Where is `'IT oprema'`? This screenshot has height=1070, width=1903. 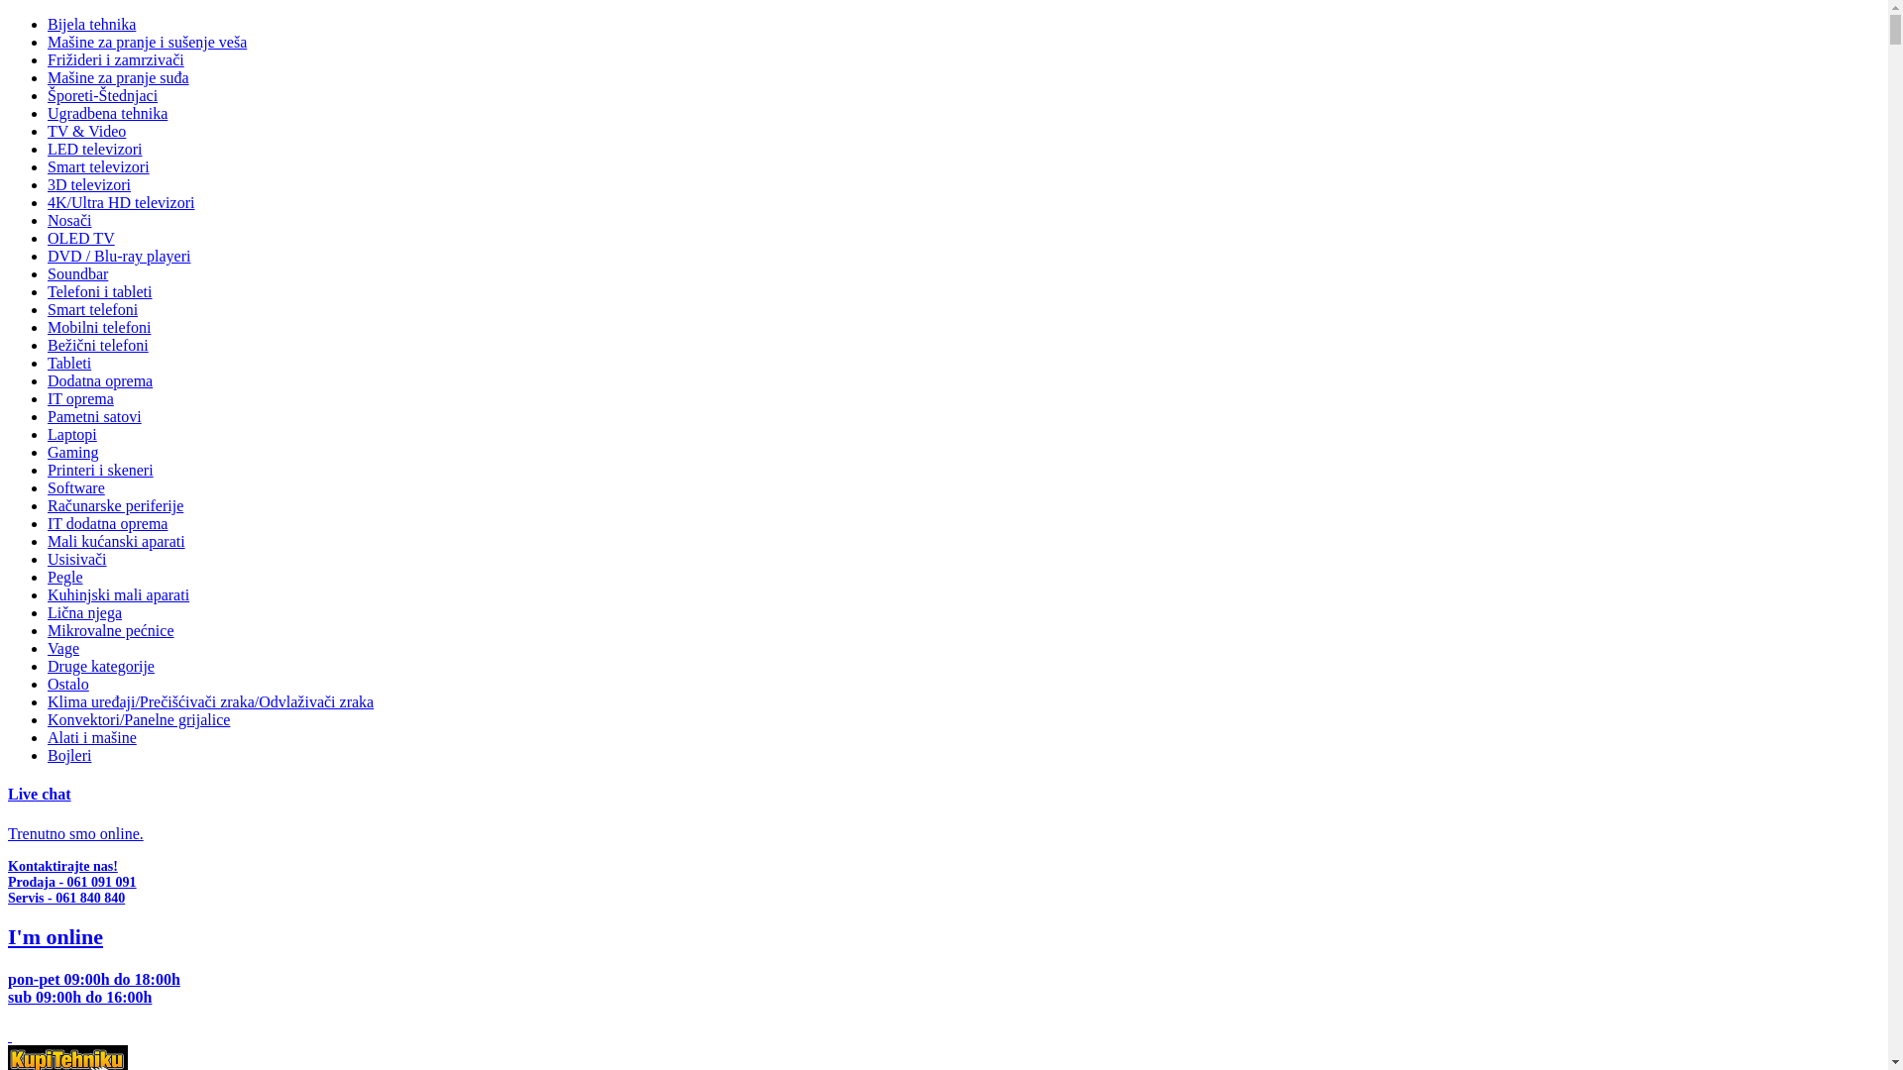
'IT oprema' is located at coordinates (79, 398).